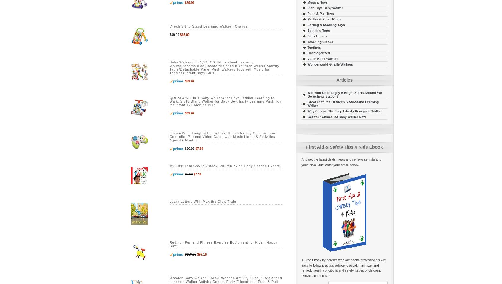 Image resolution: width=502 pixels, height=284 pixels. I want to click on 'And get the latest deals, news and reviews sent right to your inbox! Just enter your email below.', so click(341, 162).